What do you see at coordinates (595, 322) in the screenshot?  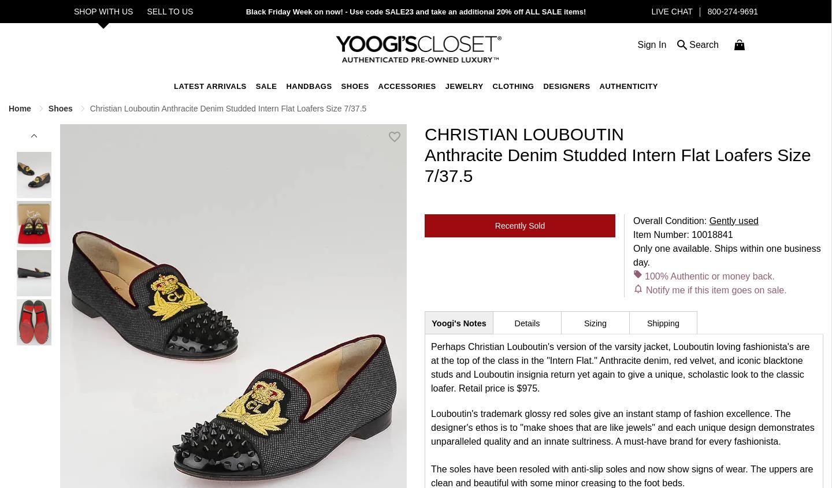 I see `'Sizing'` at bounding box center [595, 322].